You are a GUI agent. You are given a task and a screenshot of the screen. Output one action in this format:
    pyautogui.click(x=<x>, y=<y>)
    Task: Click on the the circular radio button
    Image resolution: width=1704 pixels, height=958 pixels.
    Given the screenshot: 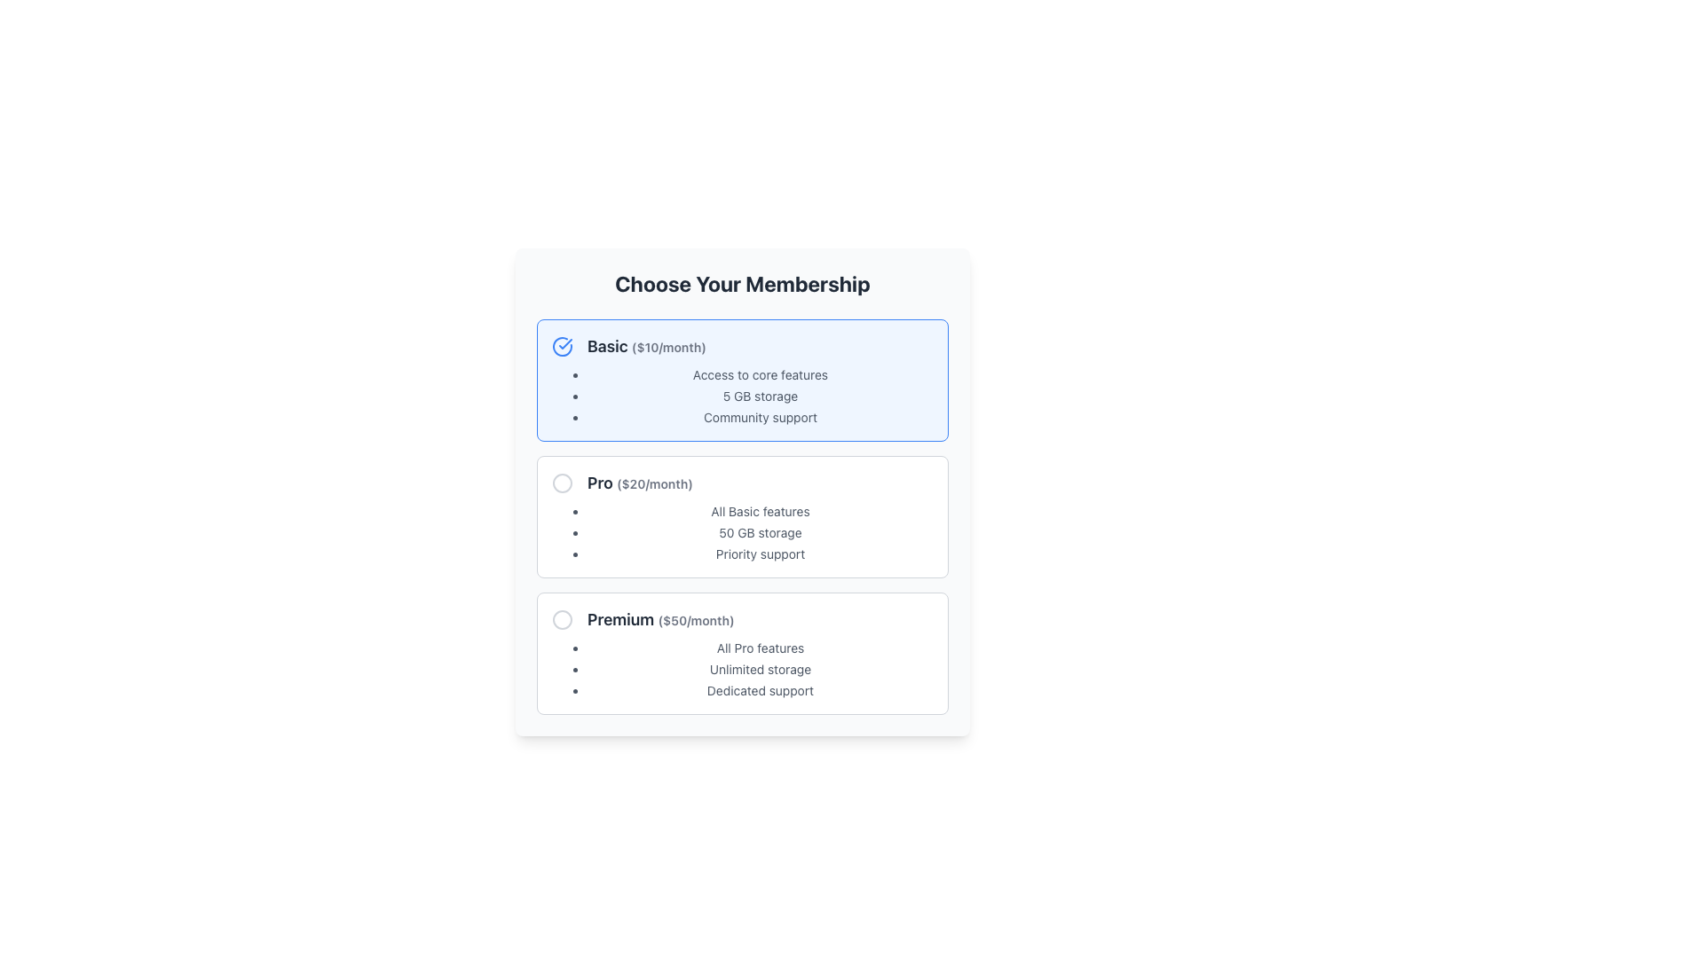 What is the action you would take?
    pyautogui.click(x=561, y=618)
    